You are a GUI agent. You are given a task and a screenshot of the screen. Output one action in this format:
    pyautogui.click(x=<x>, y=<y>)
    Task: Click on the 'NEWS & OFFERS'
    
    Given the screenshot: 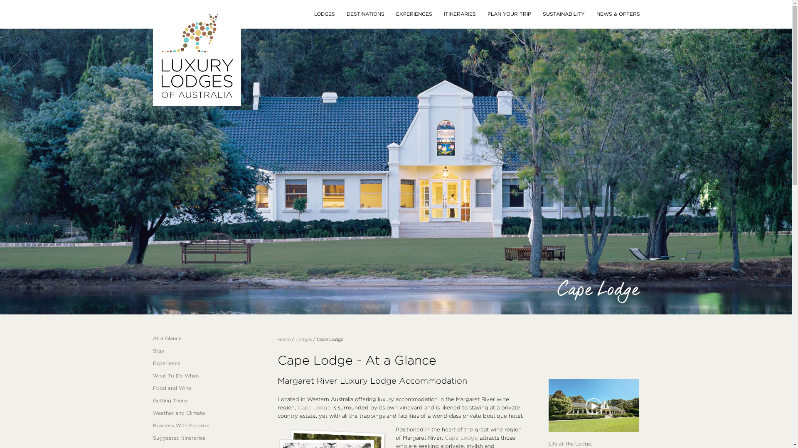 What is the action you would take?
    pyautogui.click(x=618, y=14)
    